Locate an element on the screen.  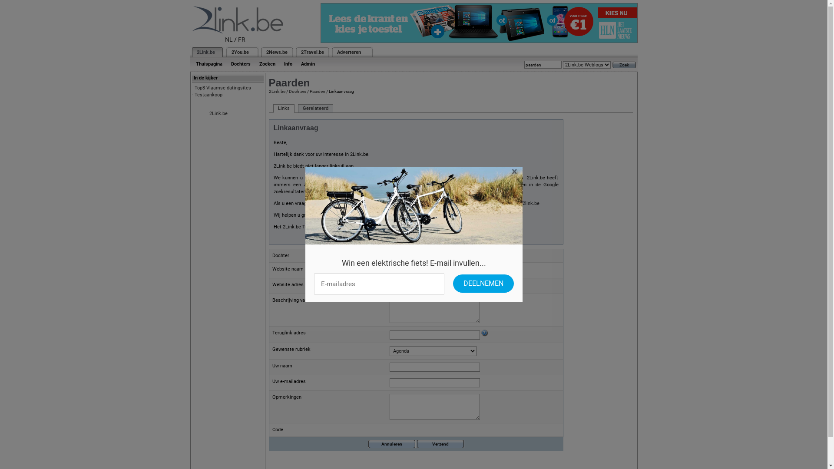
'Dochters' is located at coordinates (227, 63).